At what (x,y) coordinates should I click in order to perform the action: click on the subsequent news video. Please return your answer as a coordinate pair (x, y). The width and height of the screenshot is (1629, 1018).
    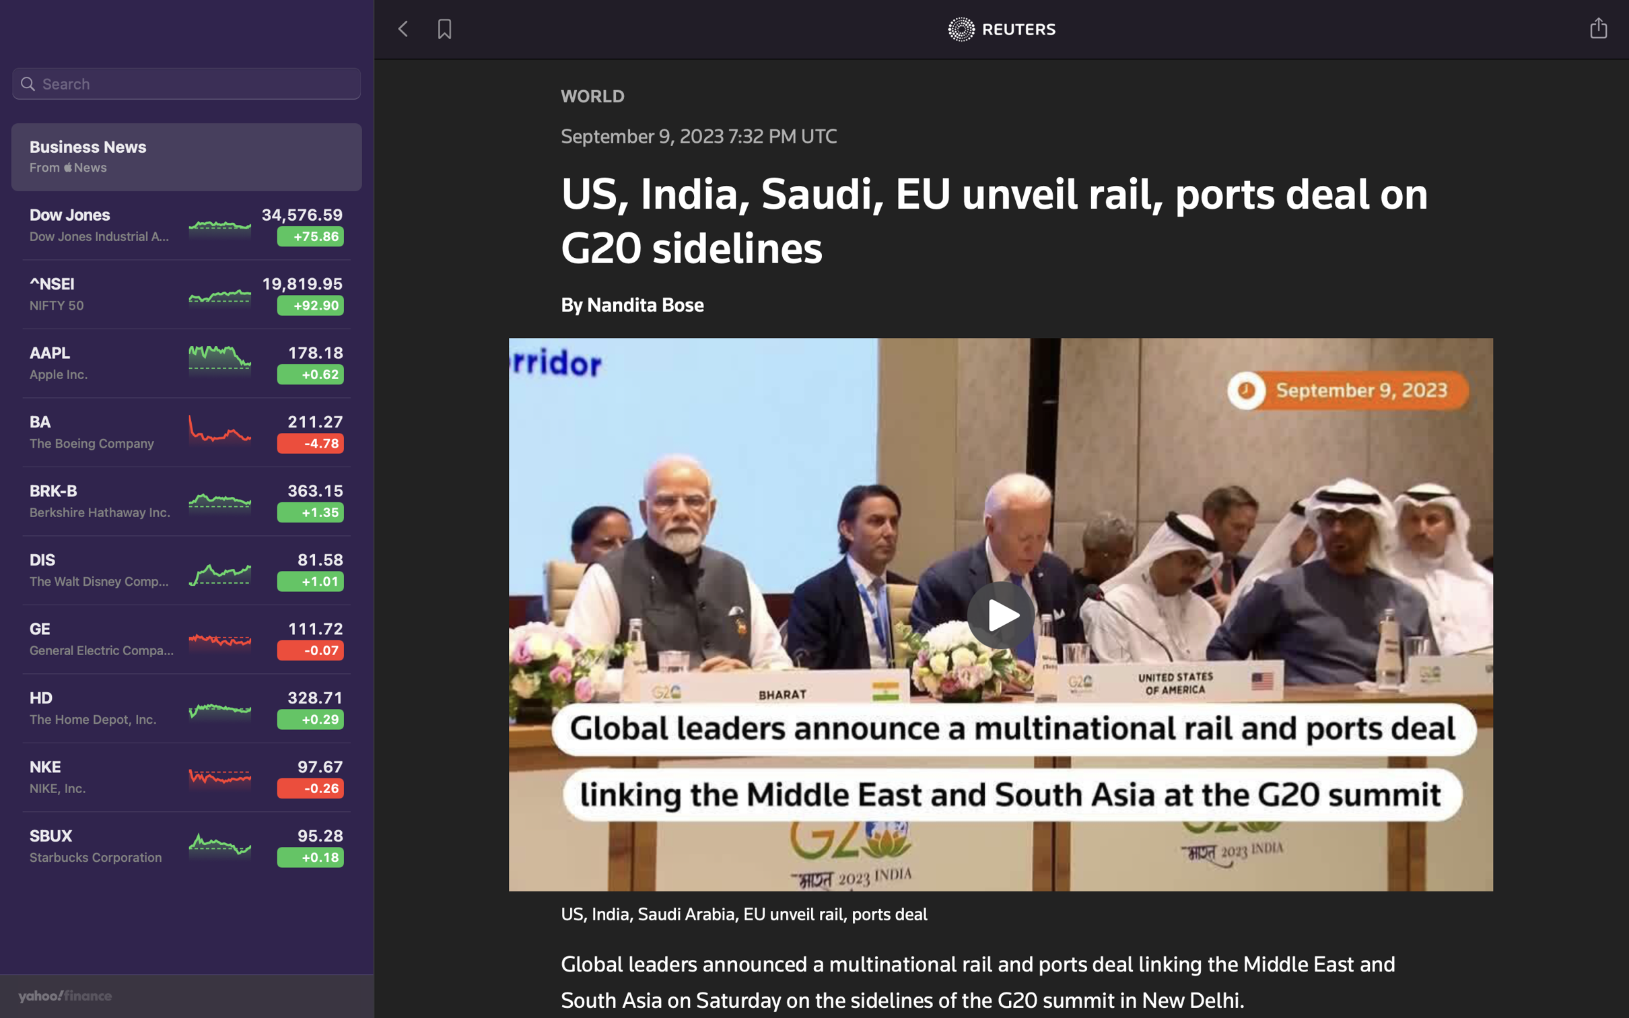
    Looking at the image, I should click on (1002, 612).